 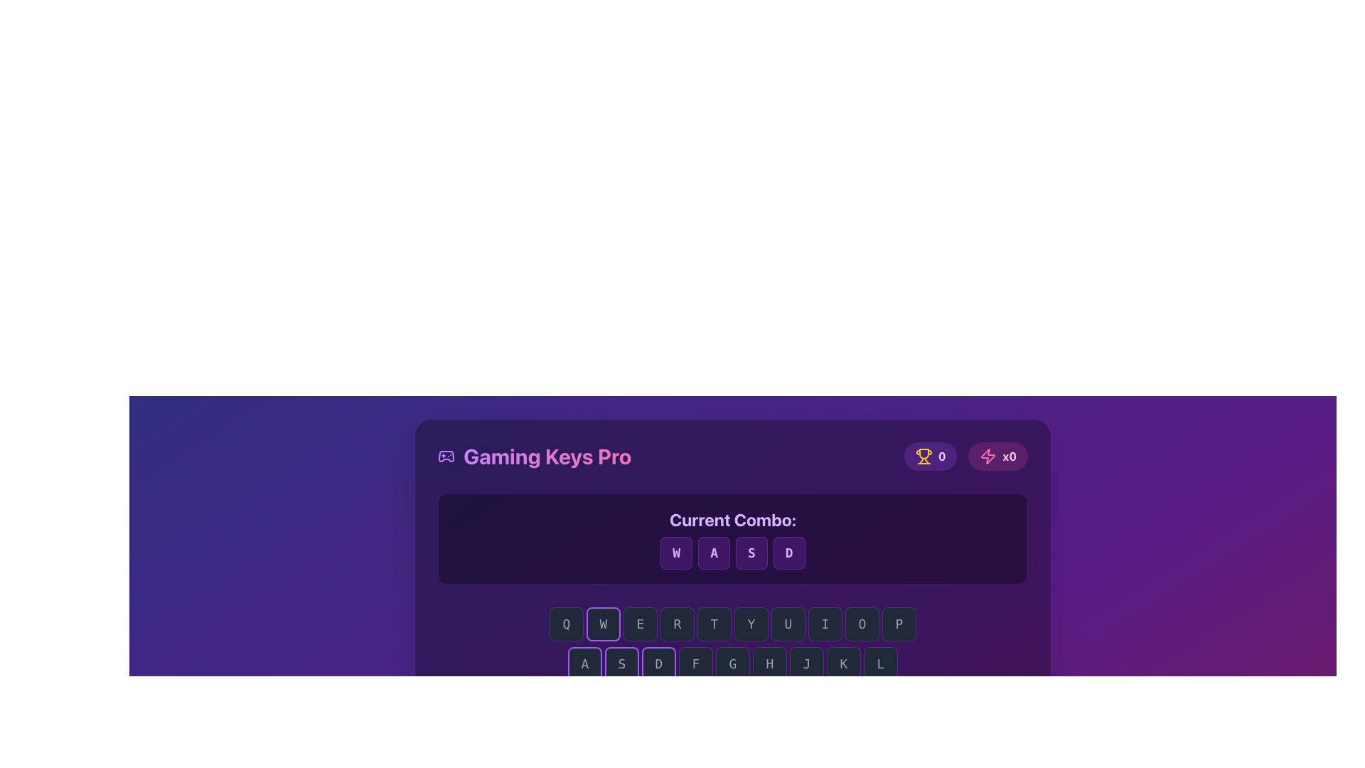 I want to click on the lightning-themed icon, which is the leftmost of three items in a rounded rectangular group, likely serving as a visual indicator or counter, so click(x=987, y=456).